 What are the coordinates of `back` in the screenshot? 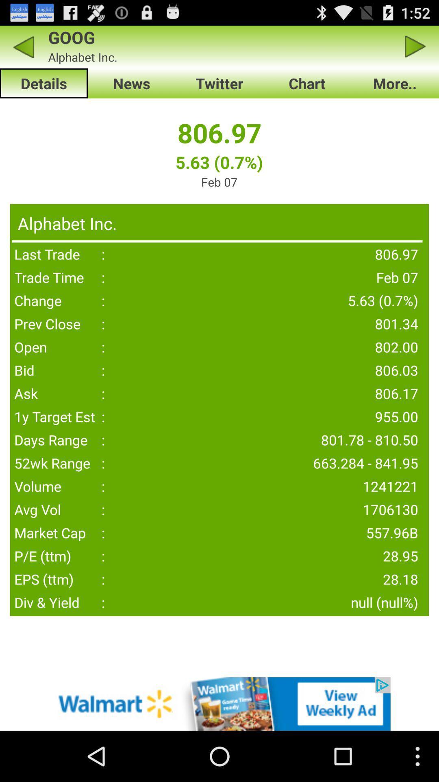 It's located at (23, 46).